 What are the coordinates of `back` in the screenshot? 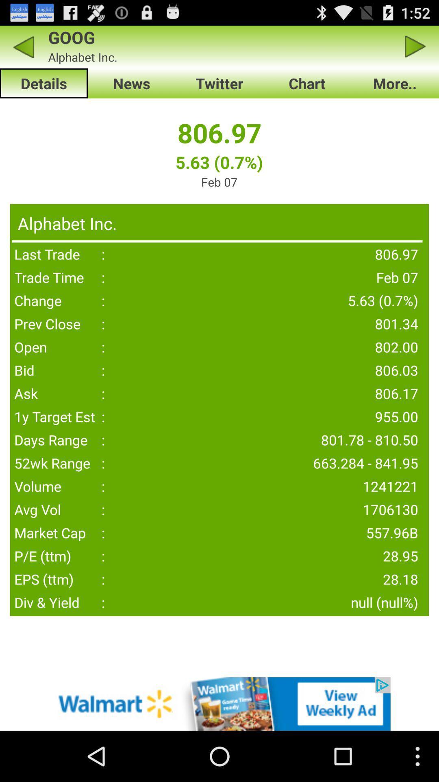 It's located at (23, 46).